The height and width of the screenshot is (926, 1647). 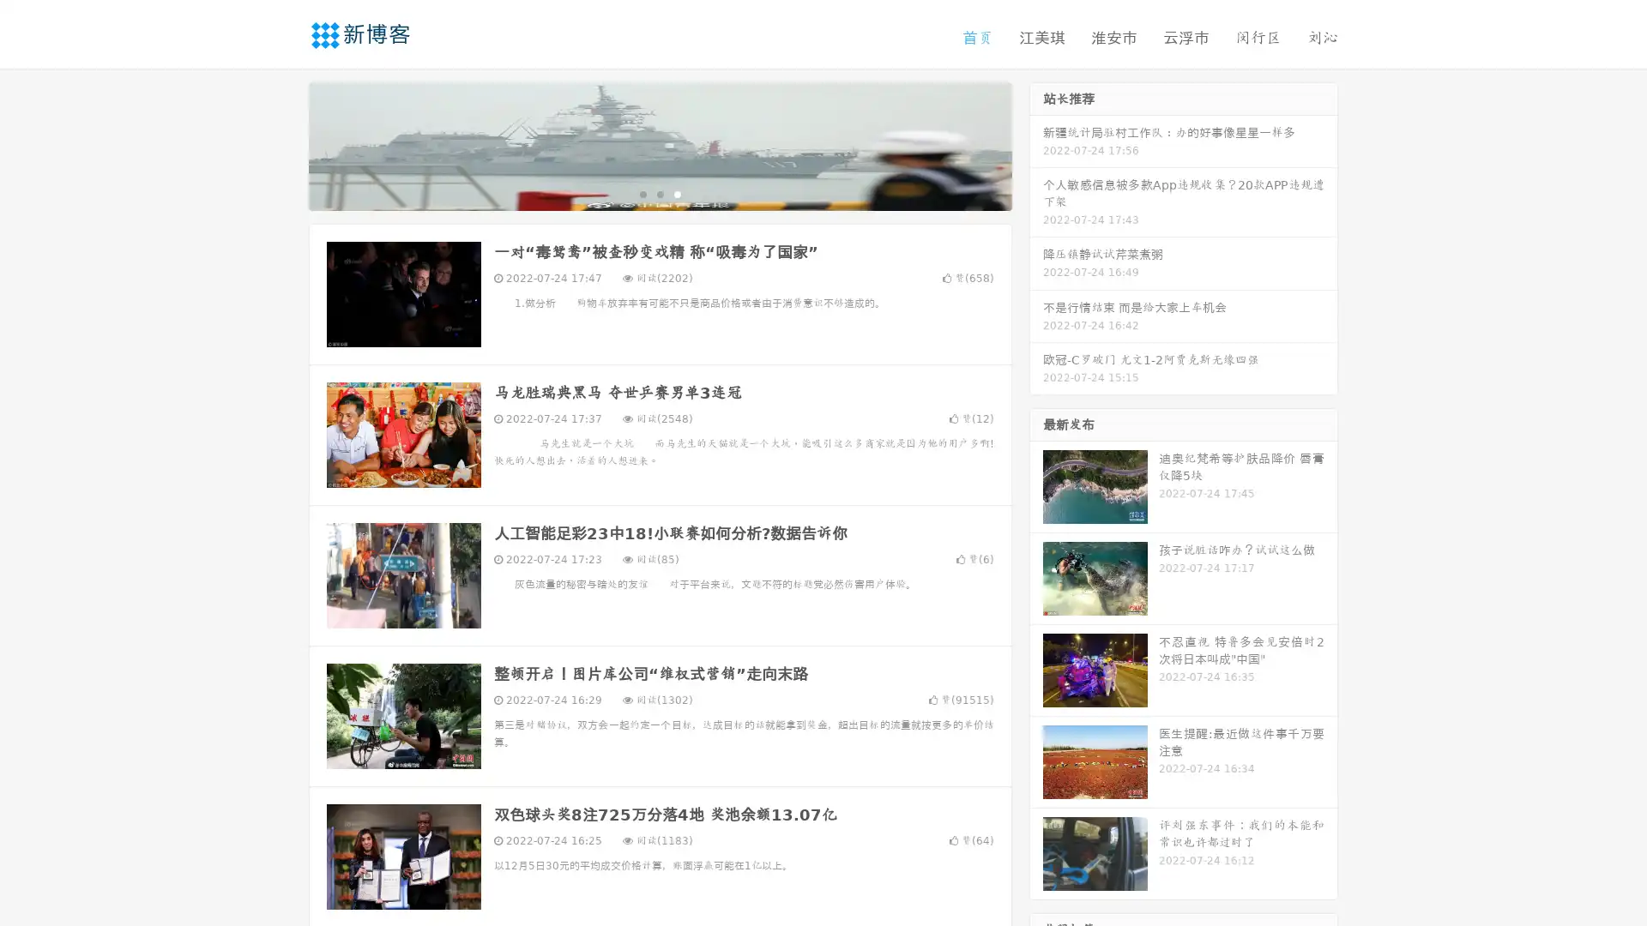 I want to click on Previous slide, so click(x=283, y=144).